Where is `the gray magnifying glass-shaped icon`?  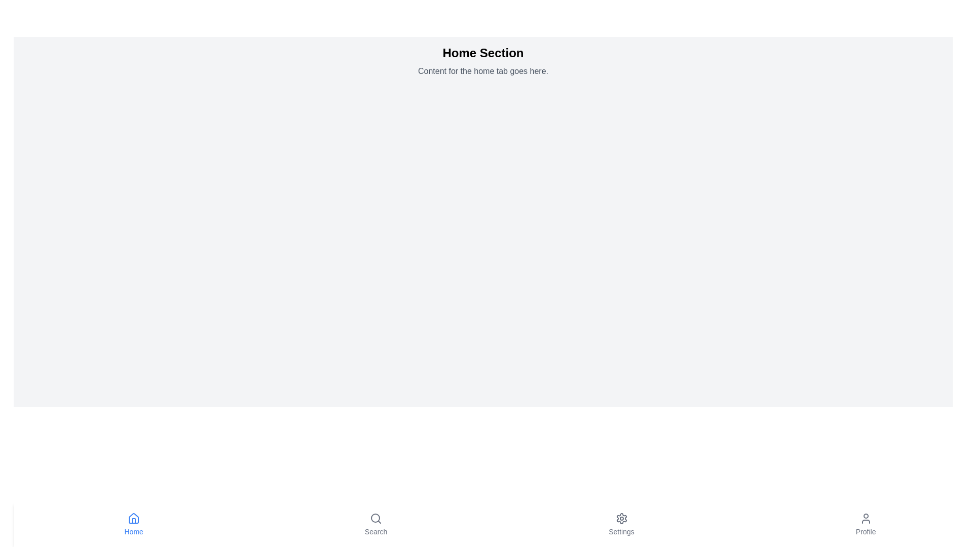
the gray magnifying glass-shaped icon is located at coordinates (376, 518).